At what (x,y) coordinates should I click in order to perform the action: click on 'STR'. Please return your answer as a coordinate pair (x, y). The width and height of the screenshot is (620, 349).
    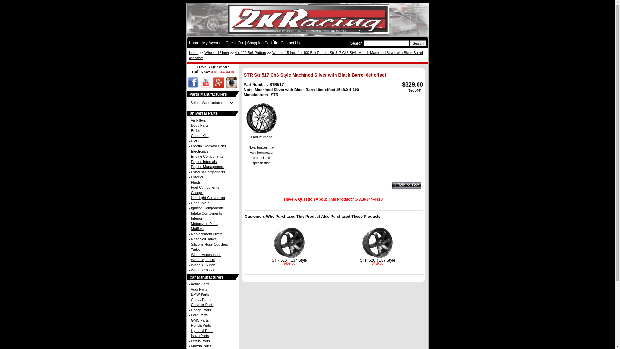
    Looking at the image, I should click on (271, 95).